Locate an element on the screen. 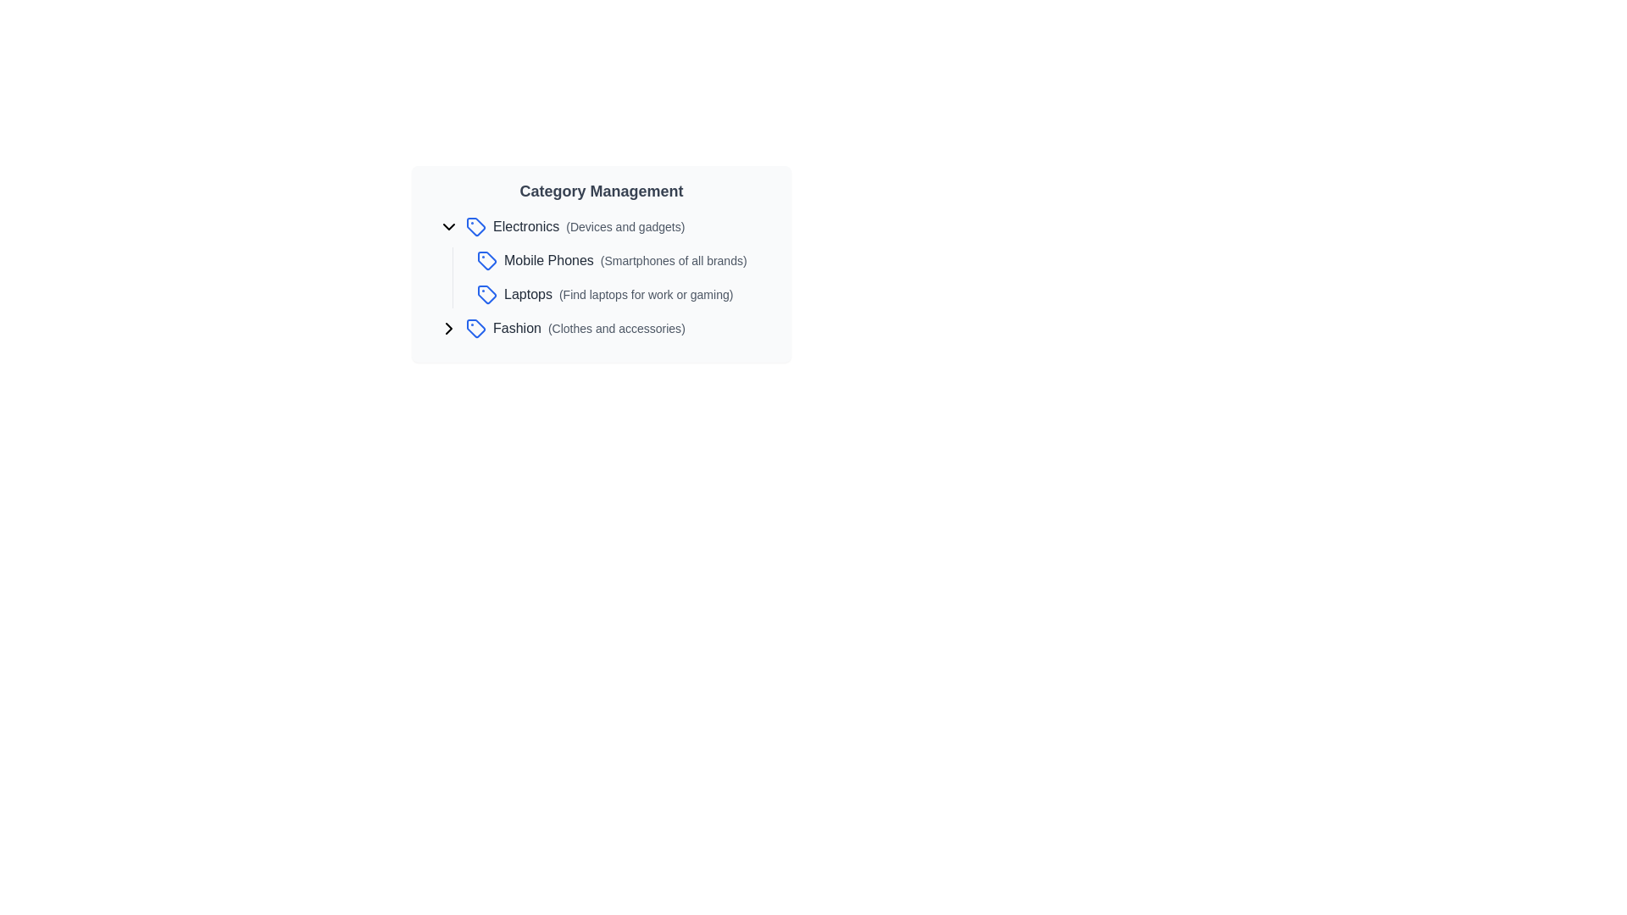 The image size is (1627, 915). the small tag-shaped icon with a blue outline and dot, located to the left of the 'Fashion' text within the 'Fashion (Clothes and accessories)' entry is located at coordinates (475, 329).